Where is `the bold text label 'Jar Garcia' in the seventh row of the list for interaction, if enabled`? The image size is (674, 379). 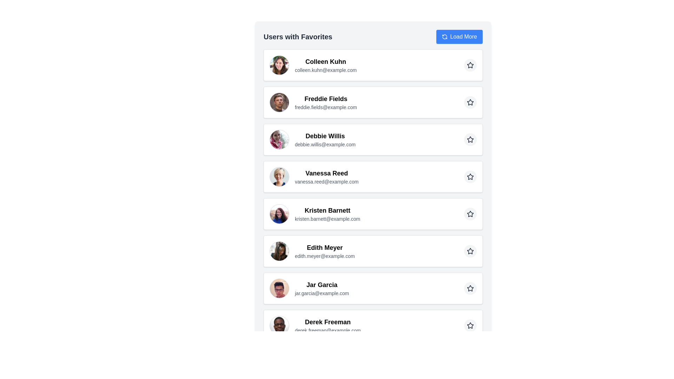 the bold text label 'Jar Garcia' in the seventh row of the list for interaction, if enabled is located at coordinates (322, 285).